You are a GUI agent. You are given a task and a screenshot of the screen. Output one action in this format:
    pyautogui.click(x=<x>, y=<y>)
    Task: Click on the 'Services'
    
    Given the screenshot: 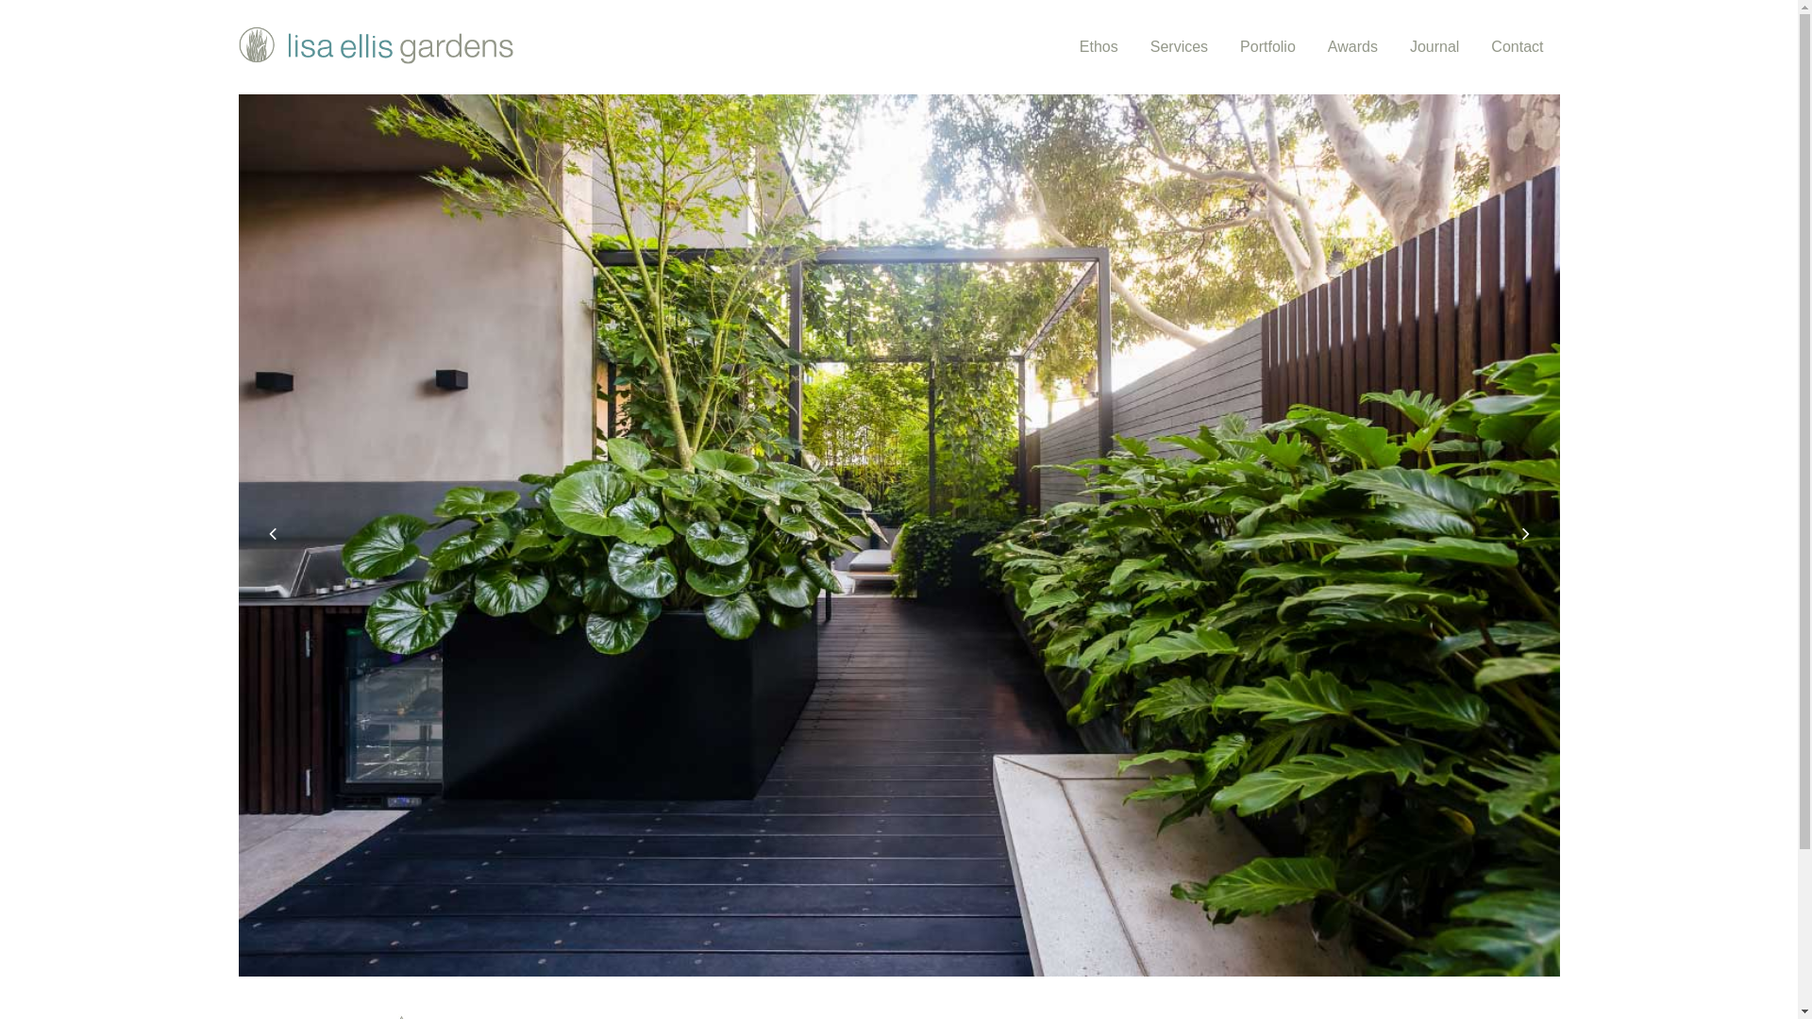 What is the action you would take?
    pyautogui.click(x=1178, y=46)
    